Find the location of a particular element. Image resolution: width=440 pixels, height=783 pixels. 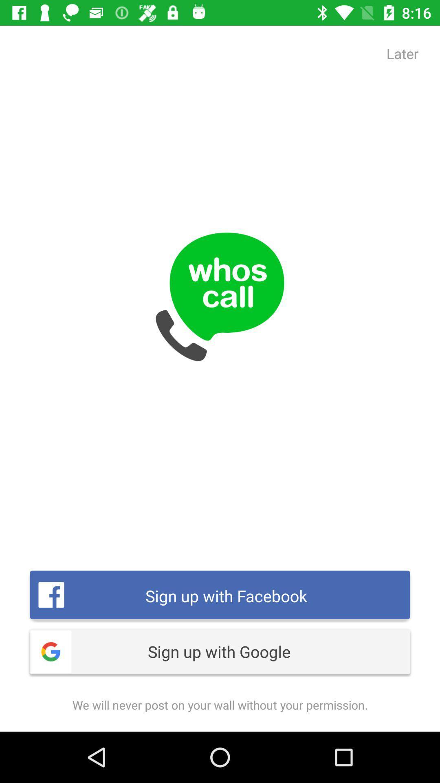

item above the sign up with item is located at coordinates (402, 53).